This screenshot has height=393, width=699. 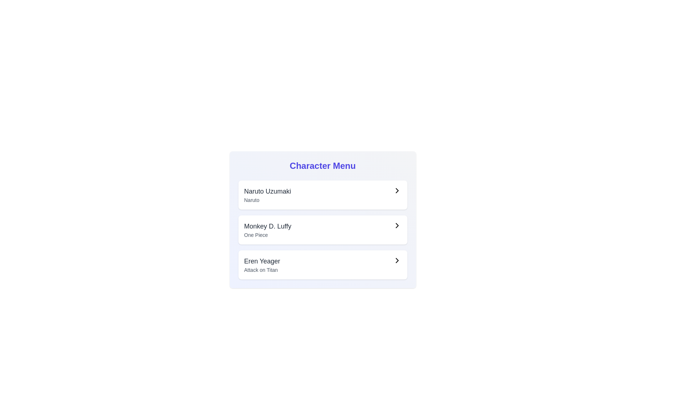 I want to click on the third card in the vertically arranged list of options in the 'Character Menu', so click(x=322, y=265).